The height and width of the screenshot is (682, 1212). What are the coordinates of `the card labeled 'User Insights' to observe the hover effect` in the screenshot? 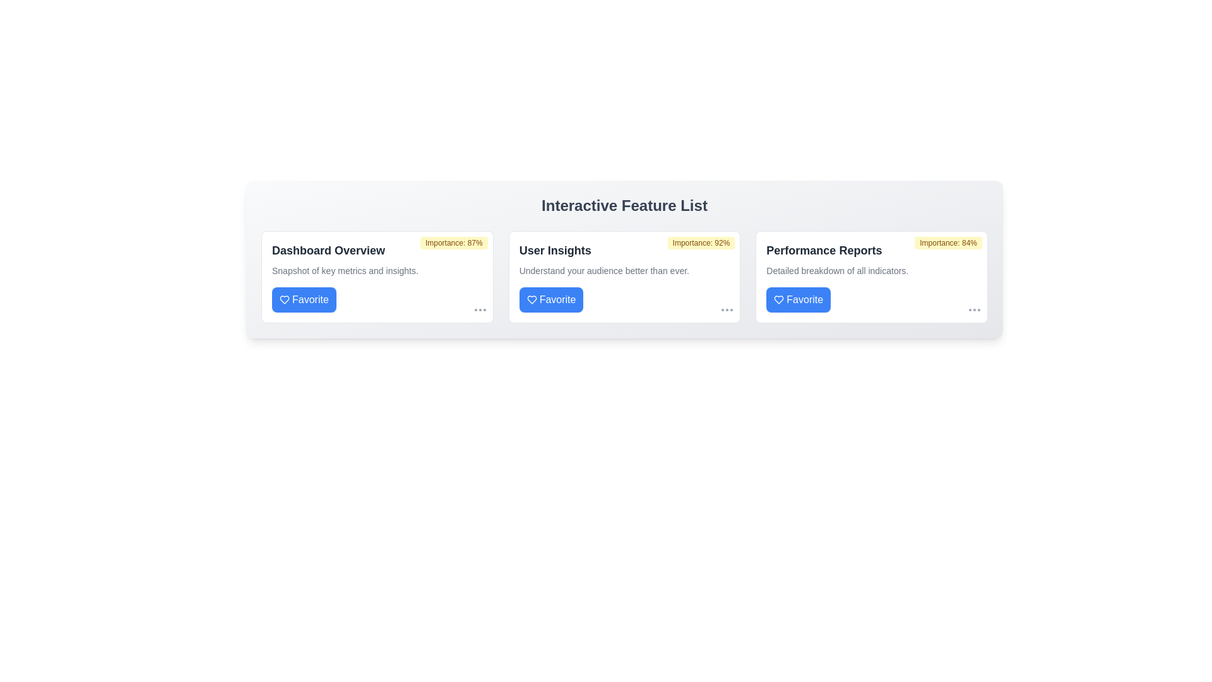 It's located at (624, 277).